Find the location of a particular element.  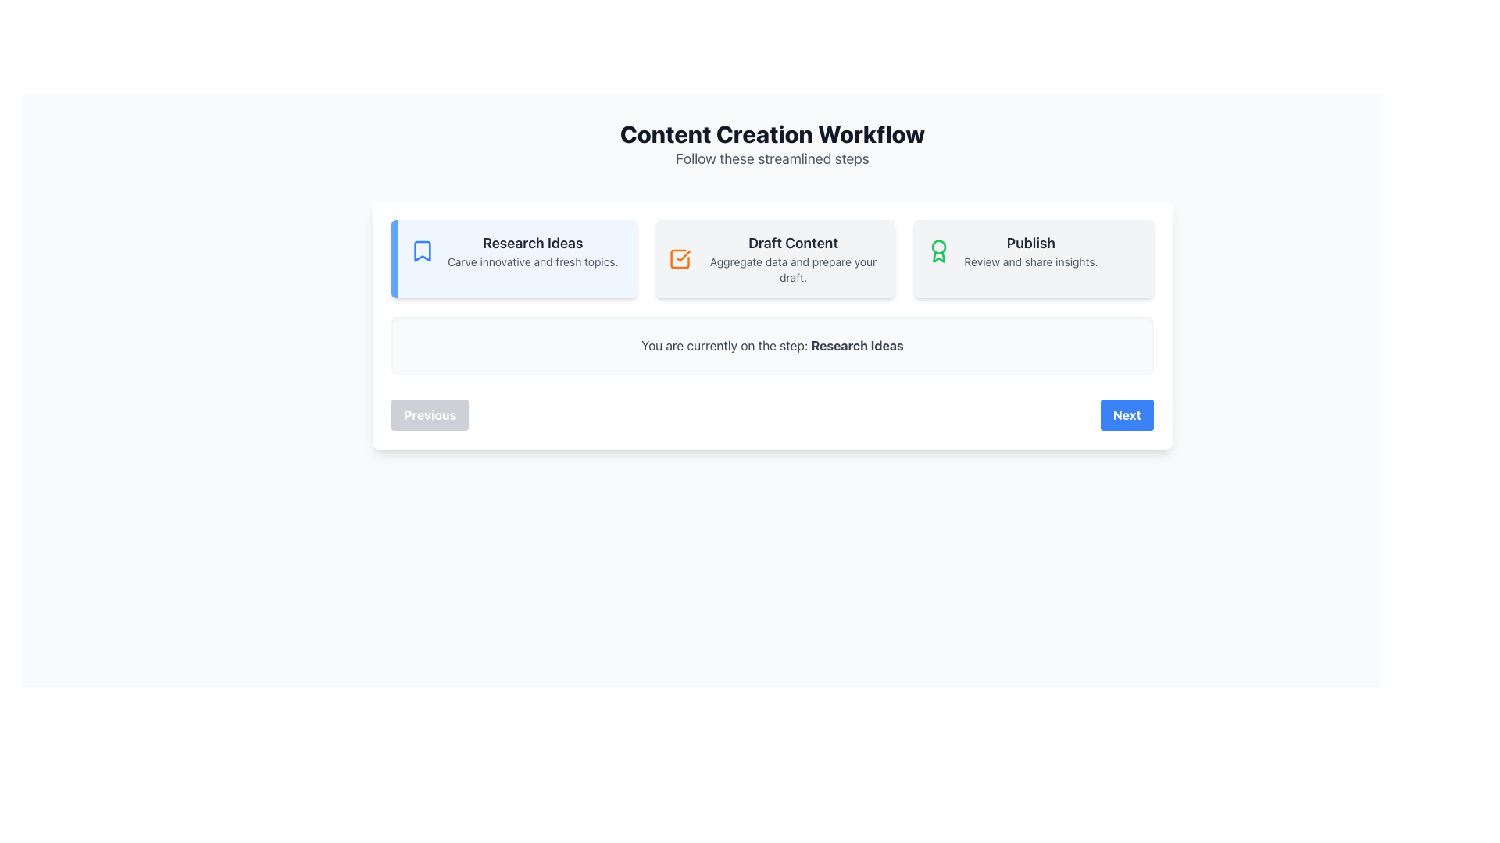

the text label displaying 'Draft Content' which includes a bold title and descriptive text, located centrally in the interface between 'Research Ideas' and 'Publish' is located at coordinates (776, 258).